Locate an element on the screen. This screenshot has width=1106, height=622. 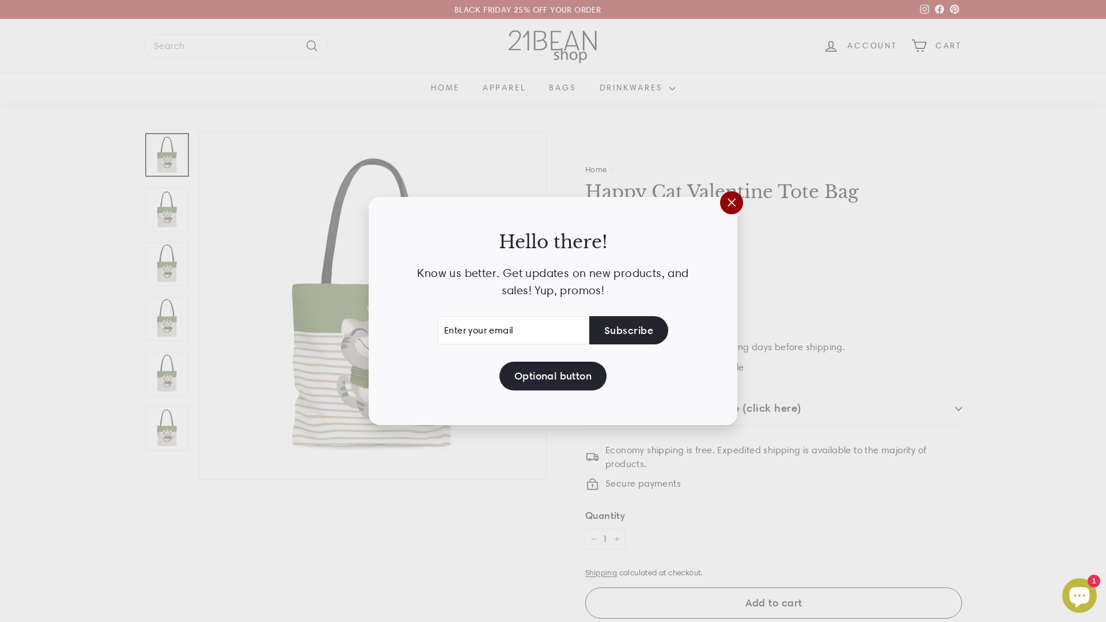
'Shopify online store chat' is located at coordinates (1078, 593).